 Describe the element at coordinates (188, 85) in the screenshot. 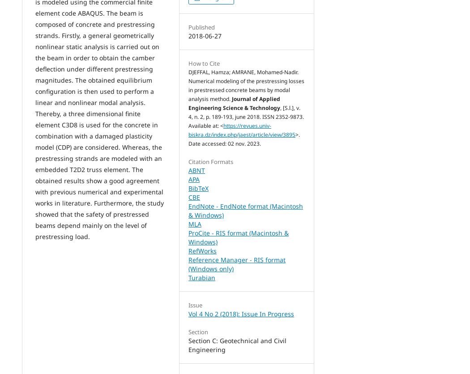

I see `'DJEFFAL, Hamza; 						AMRANE, Mohamed-Nadir.
 Numerical modeling of the prestressing losses in prestressed concrete beams by modal analysis method.'` at that location.